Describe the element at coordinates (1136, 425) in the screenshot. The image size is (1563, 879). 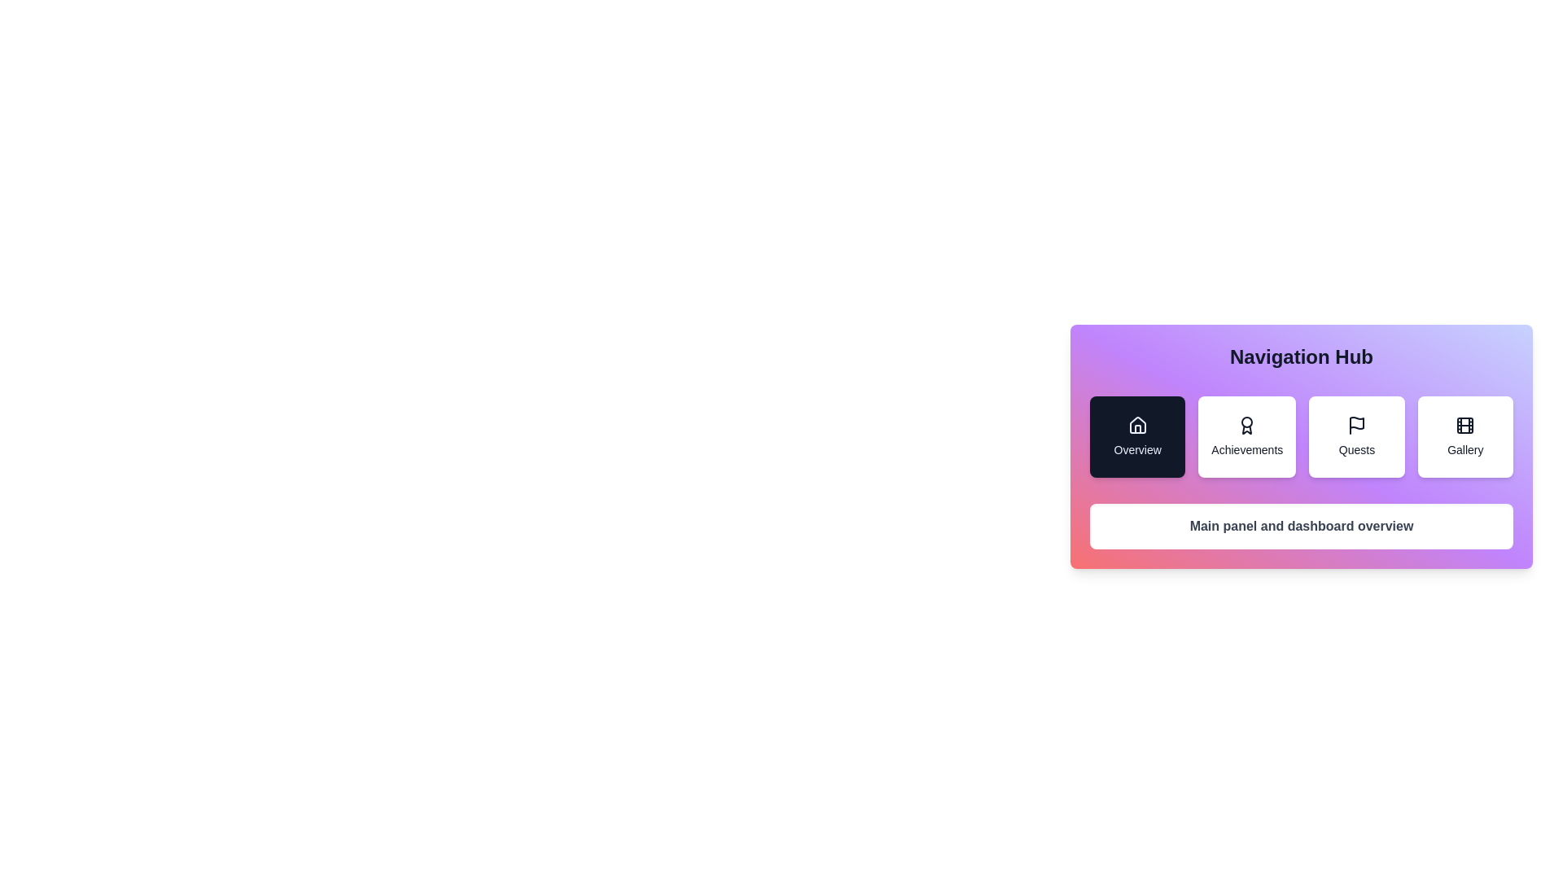
I see `the home icon within the navigation menu` at that location.